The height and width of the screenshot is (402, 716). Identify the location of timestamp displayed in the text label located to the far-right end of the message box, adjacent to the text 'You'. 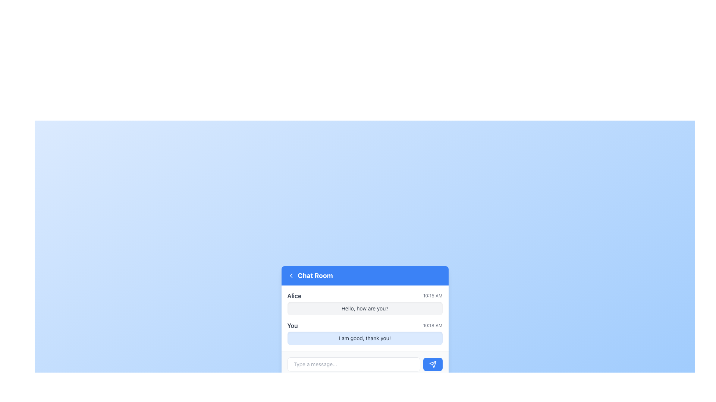
(433, 325).